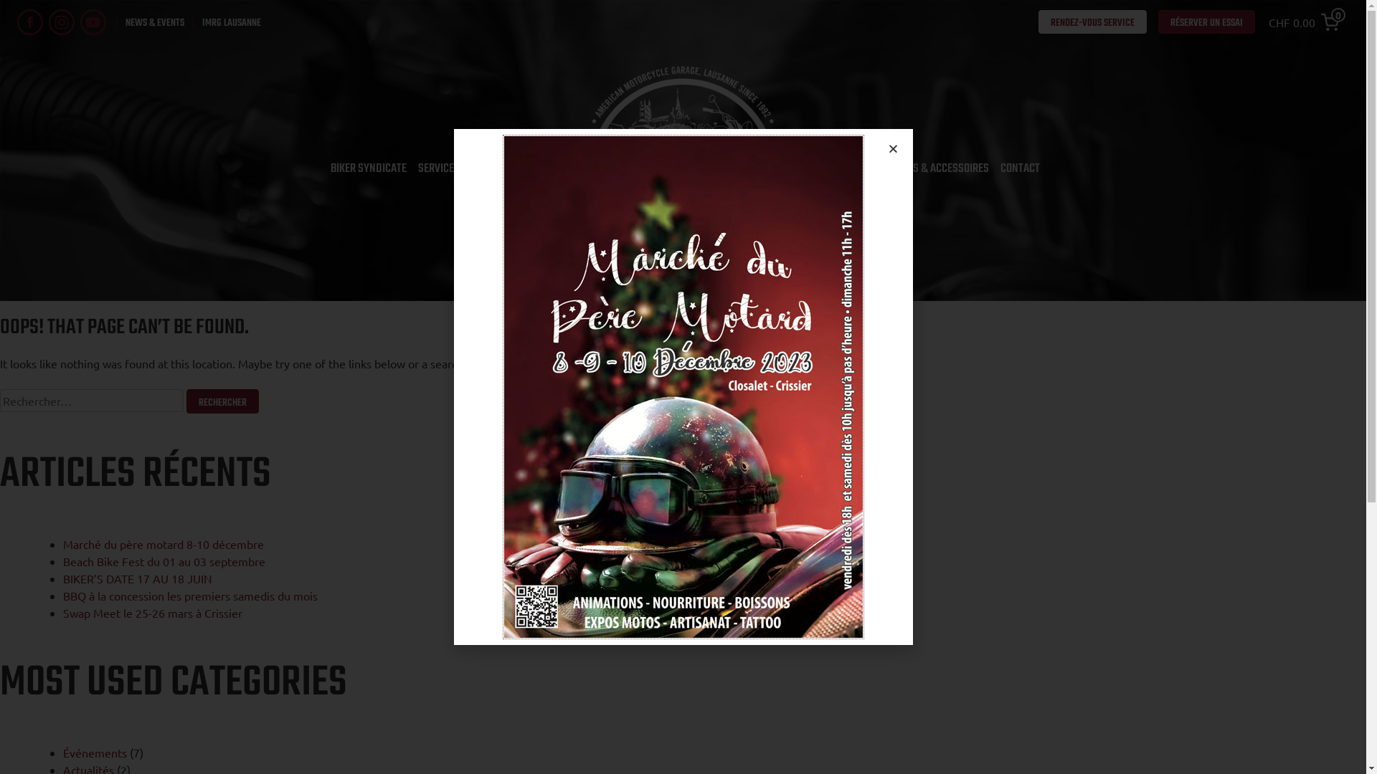  I want to click on 'NEWS & EVENTS', so click(150, 22).